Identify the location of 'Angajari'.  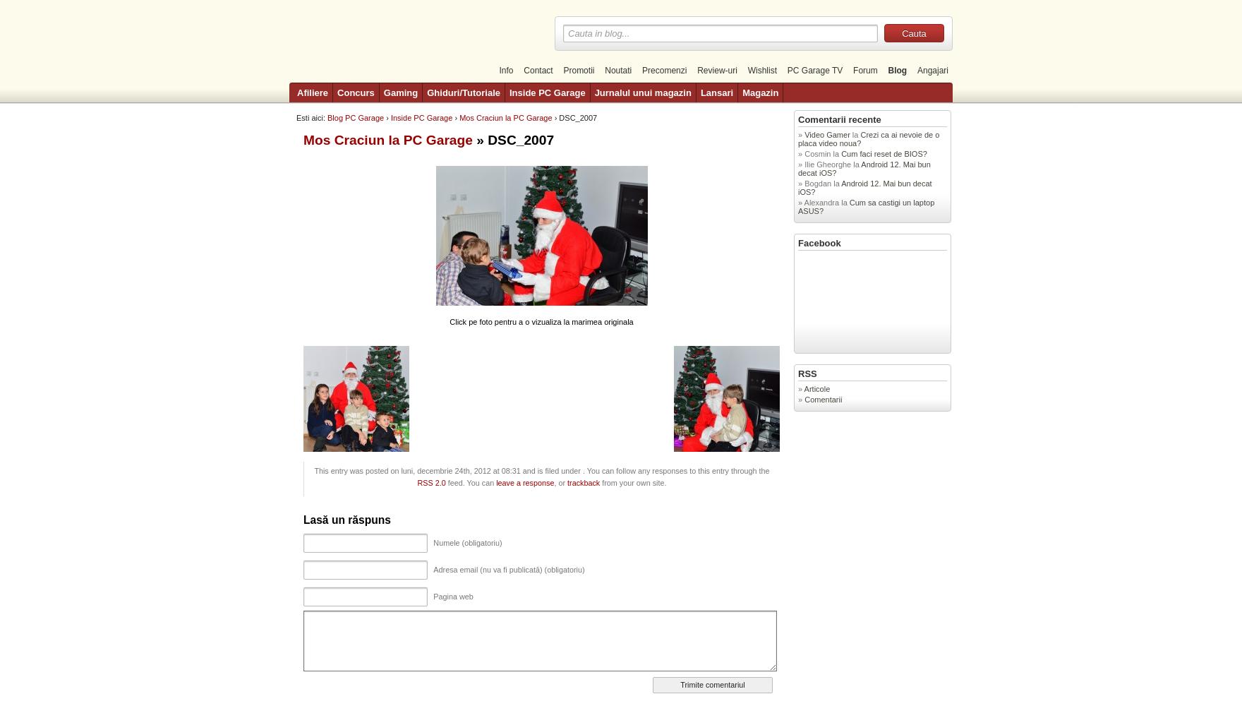
(932, 70).